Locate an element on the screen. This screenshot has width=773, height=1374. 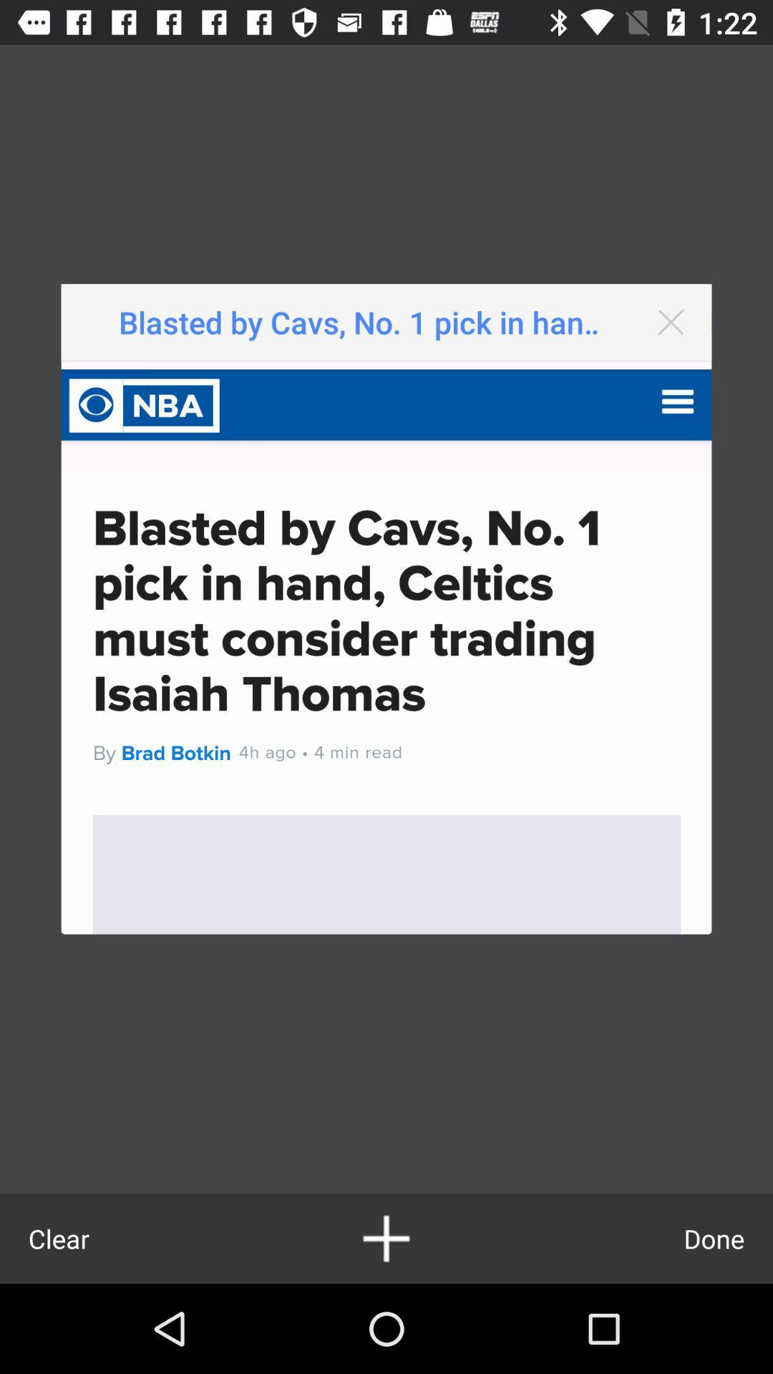
news is located at coordinates (386, 1238).